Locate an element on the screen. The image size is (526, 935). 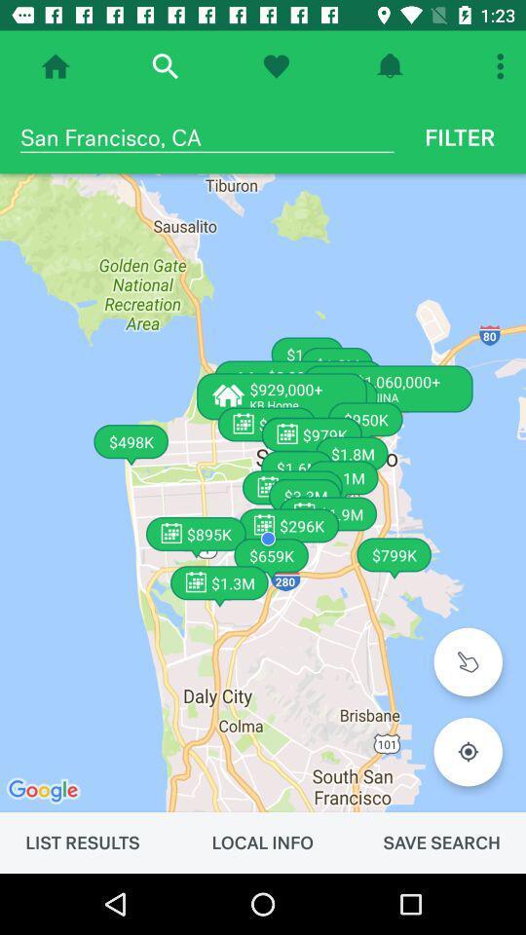
the filter is located at coordinates (460, 136).